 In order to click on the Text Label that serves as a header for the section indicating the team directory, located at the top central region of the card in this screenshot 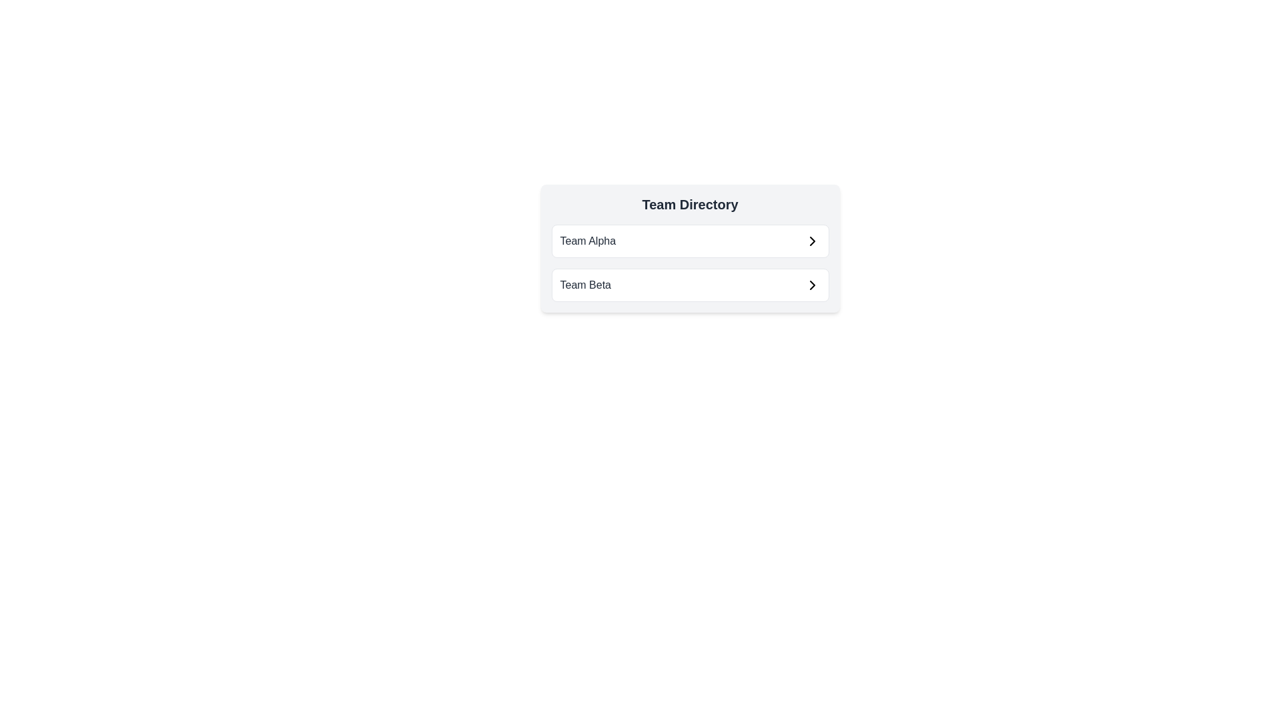, I will do `click(690, 205)`.